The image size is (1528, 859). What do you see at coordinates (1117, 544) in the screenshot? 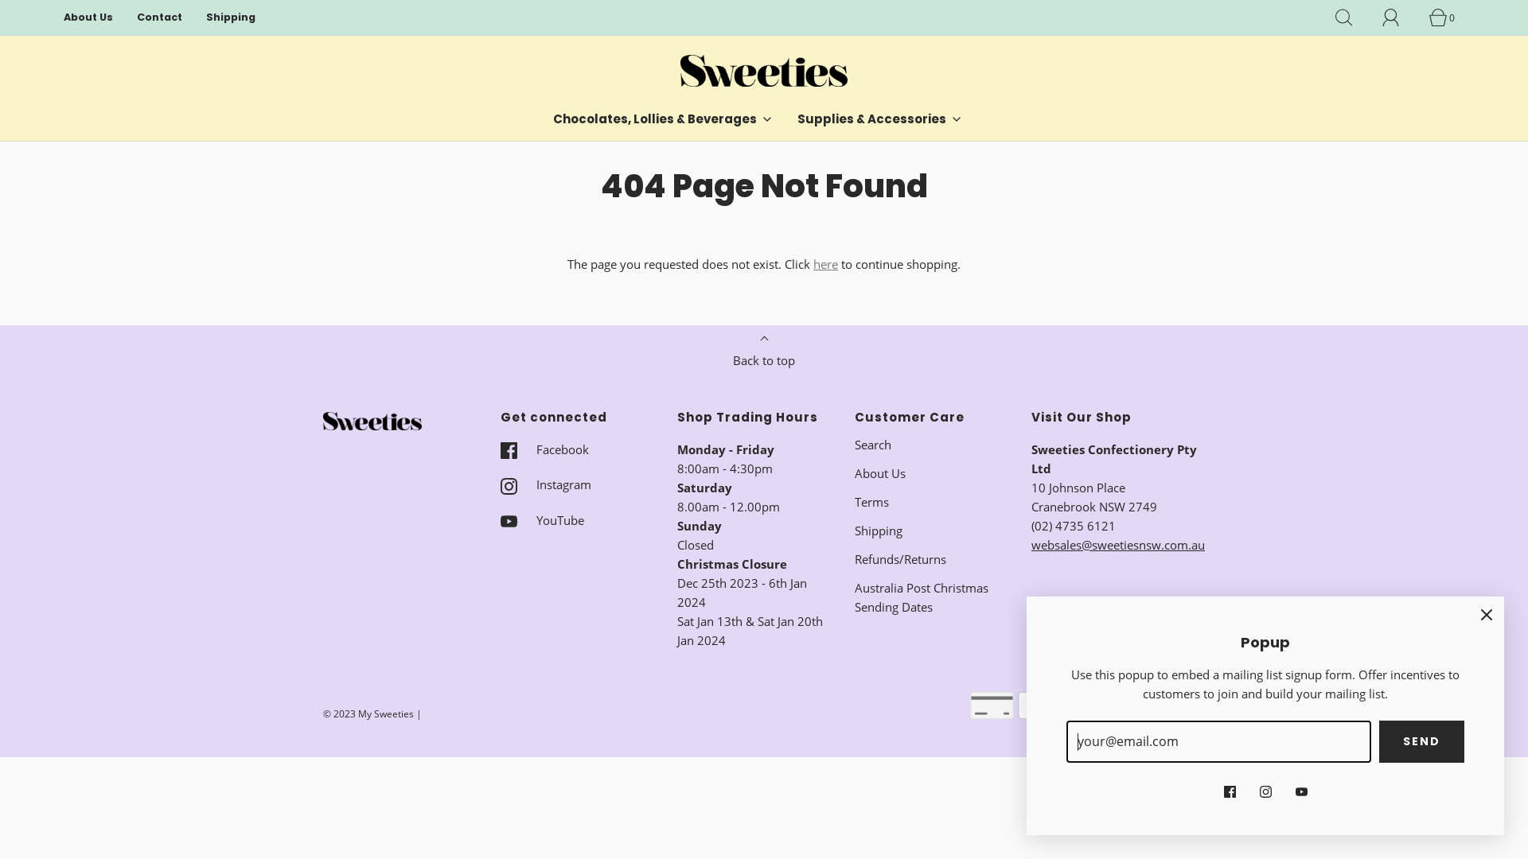
I see `'websales@sweetiesnsw.com.au'` at bounding box center [1117, 544].